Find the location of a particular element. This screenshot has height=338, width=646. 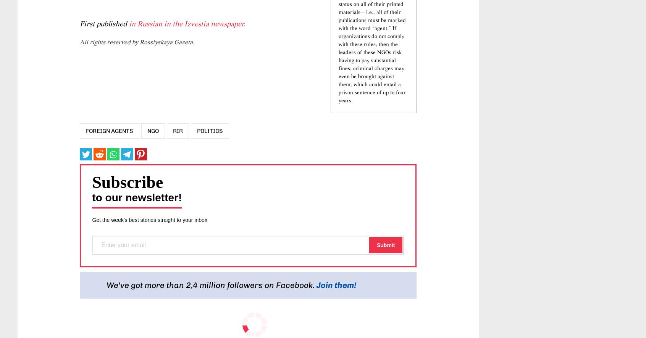

'RIR' is located at coordinates (177, 176).